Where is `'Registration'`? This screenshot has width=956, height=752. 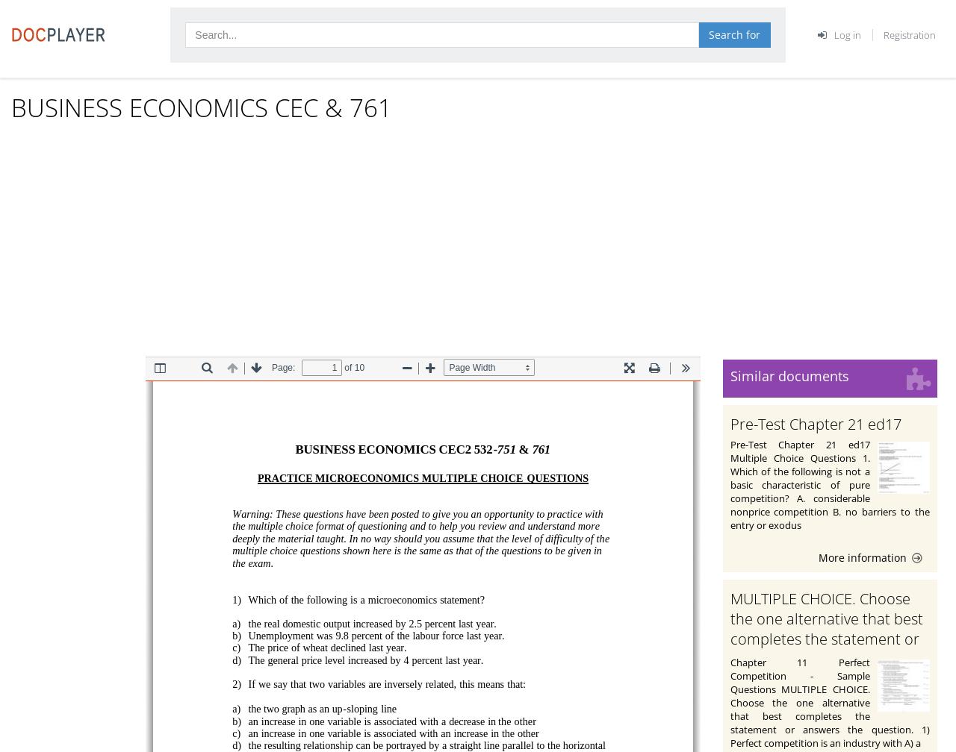 'Registration' is located at coordinates (909, 34).